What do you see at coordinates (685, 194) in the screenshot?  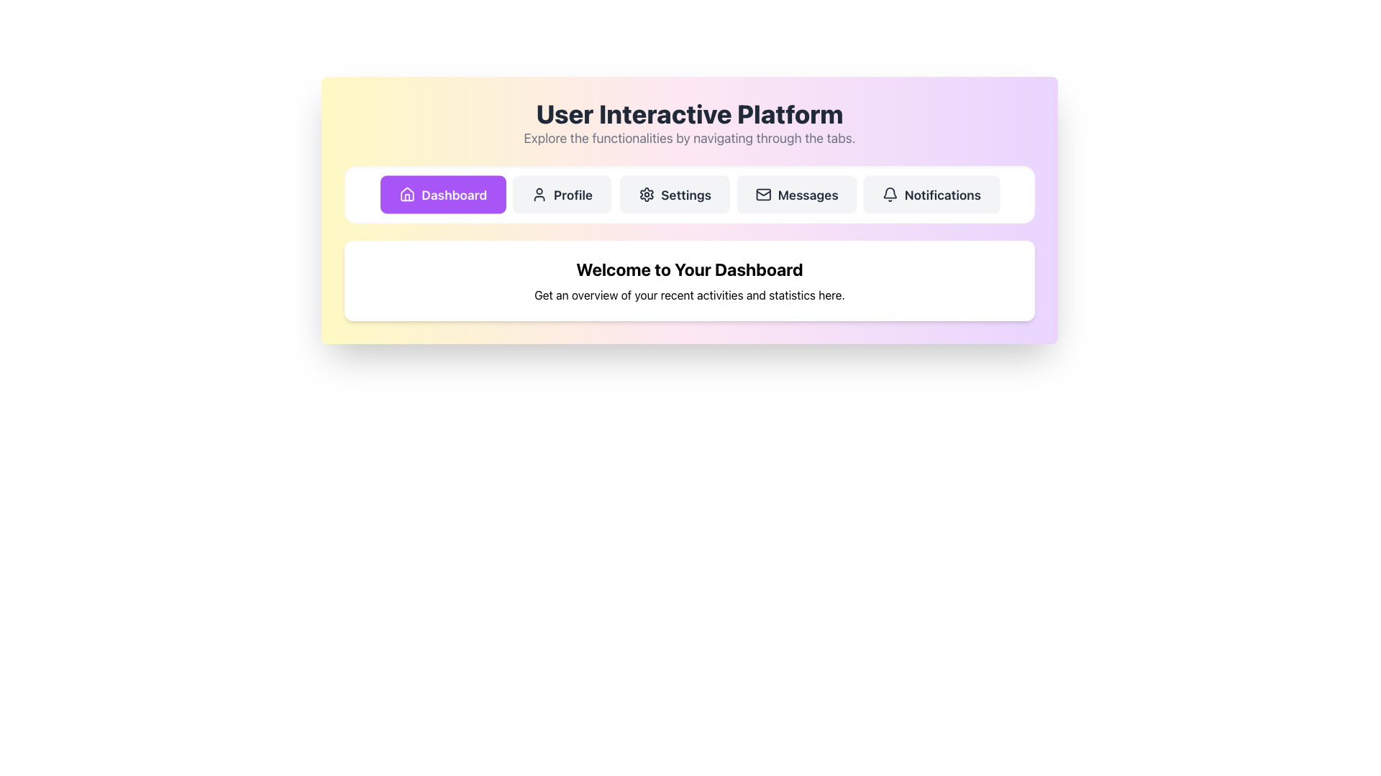 I see `the 'Settings' text label in the navigation bar` at bounding box center [685, 194].